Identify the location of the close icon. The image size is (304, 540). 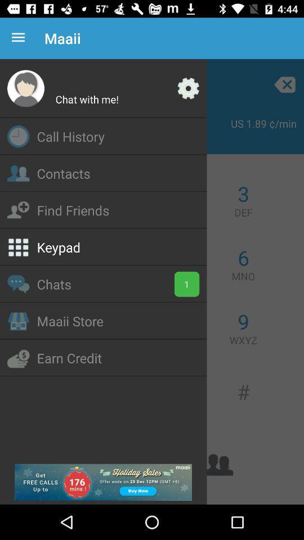
(285, 84).